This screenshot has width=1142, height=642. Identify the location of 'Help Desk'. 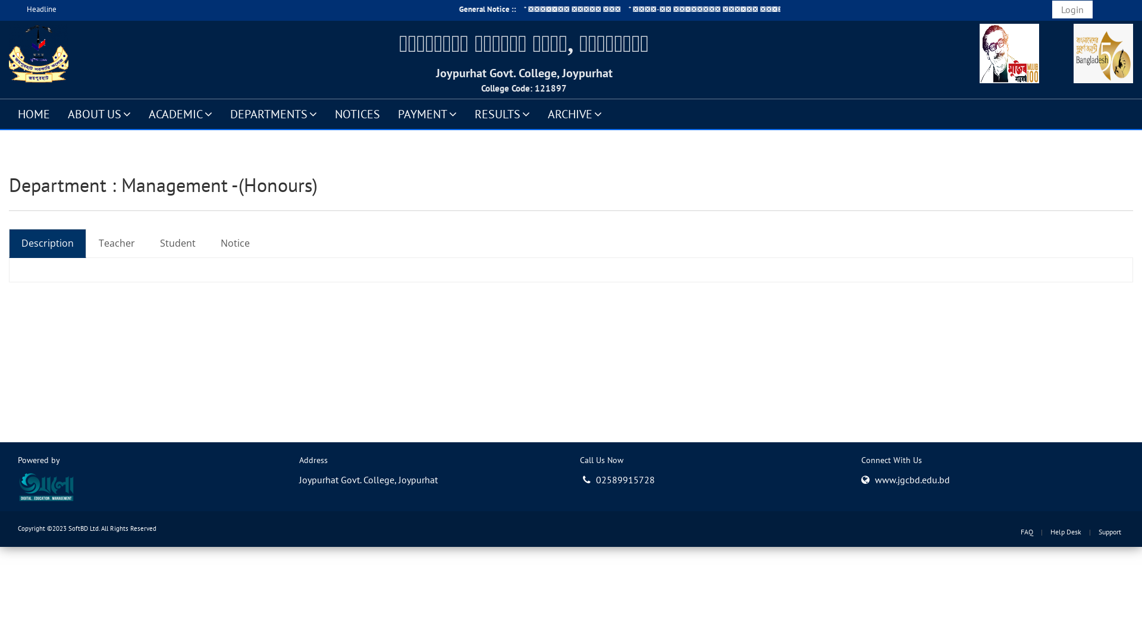
(1065, 530).